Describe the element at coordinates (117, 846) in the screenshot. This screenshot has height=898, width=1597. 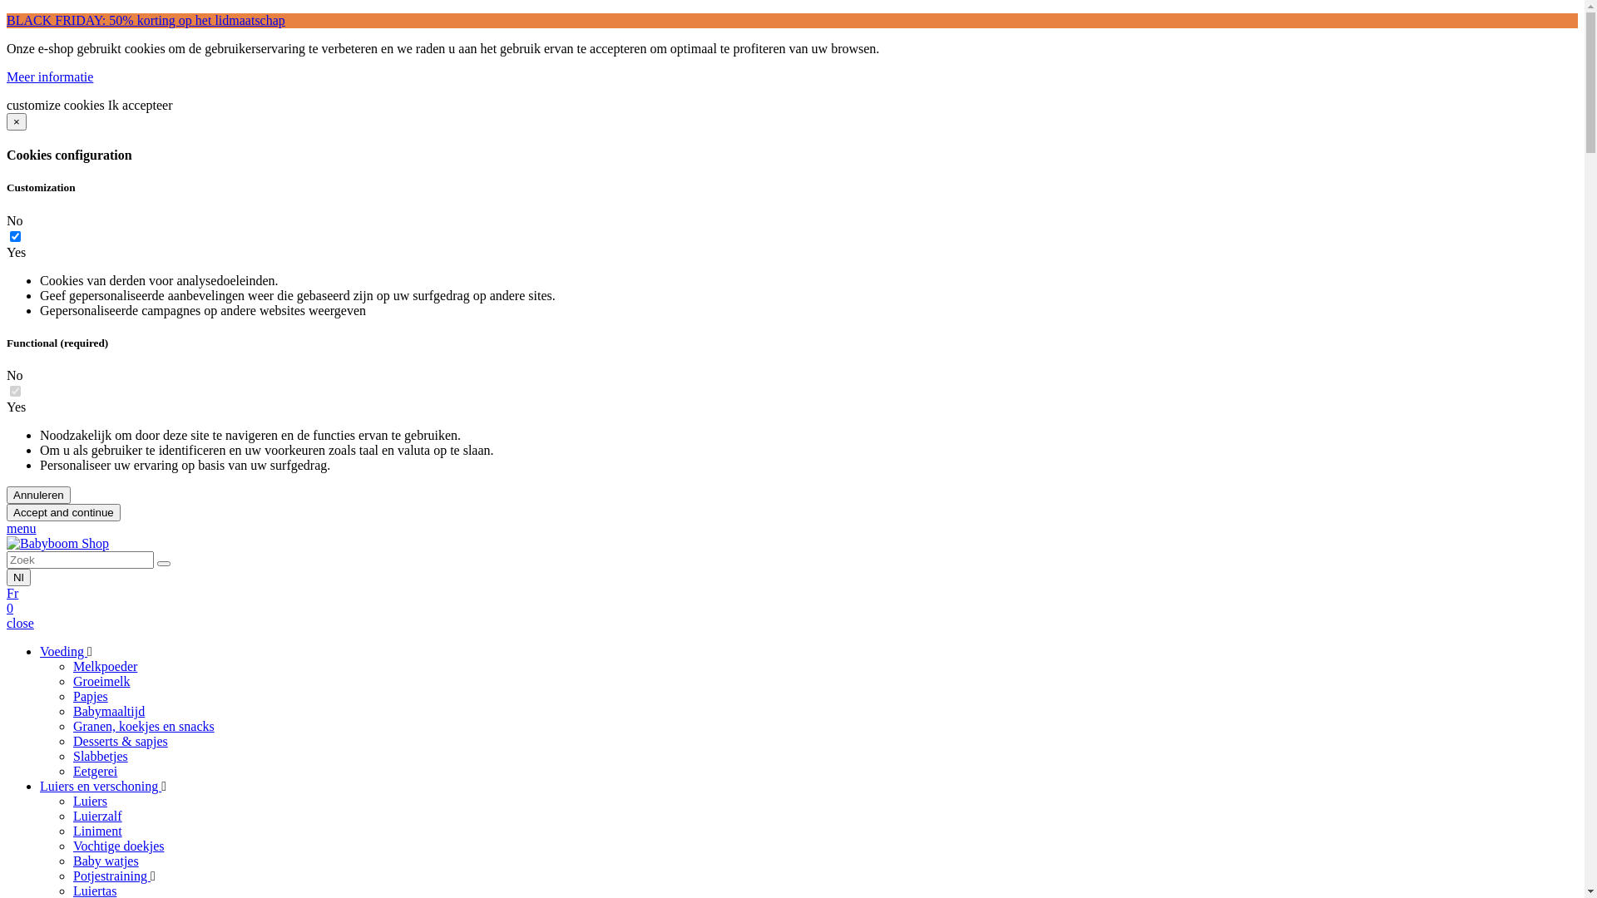
I see `'Vochtige doekjes'` at that location.